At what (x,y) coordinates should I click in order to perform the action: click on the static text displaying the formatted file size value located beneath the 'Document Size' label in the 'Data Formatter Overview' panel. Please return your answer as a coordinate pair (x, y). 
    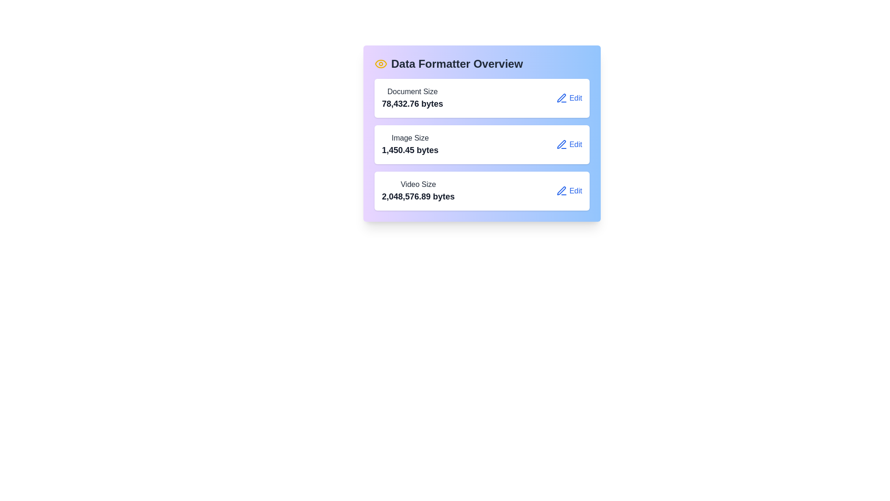
    Looking at the image, I should click on (412, 103).